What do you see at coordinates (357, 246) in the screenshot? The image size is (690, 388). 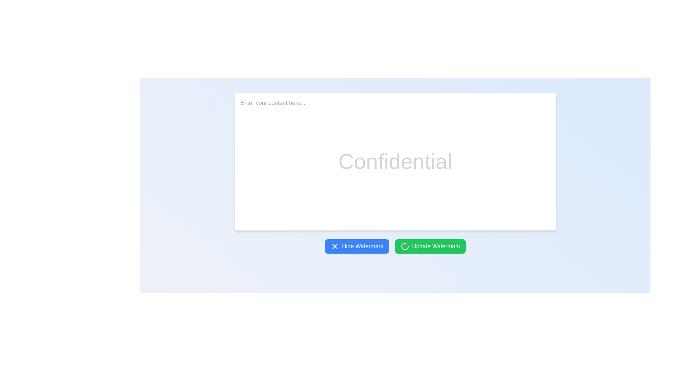 I see `the 'Hide Watermark' button, which has a blue background, white text, and a small 'X' icon, located below the main content area and is the leftmost button in a horizontal button group` at bounding box center [357, 246].